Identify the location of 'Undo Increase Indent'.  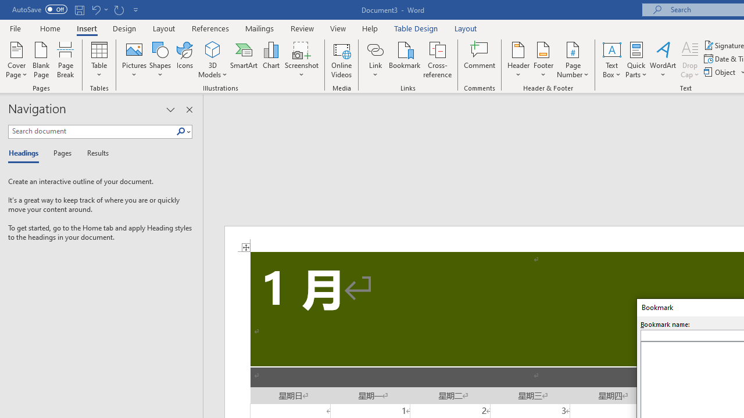
(95, 9).